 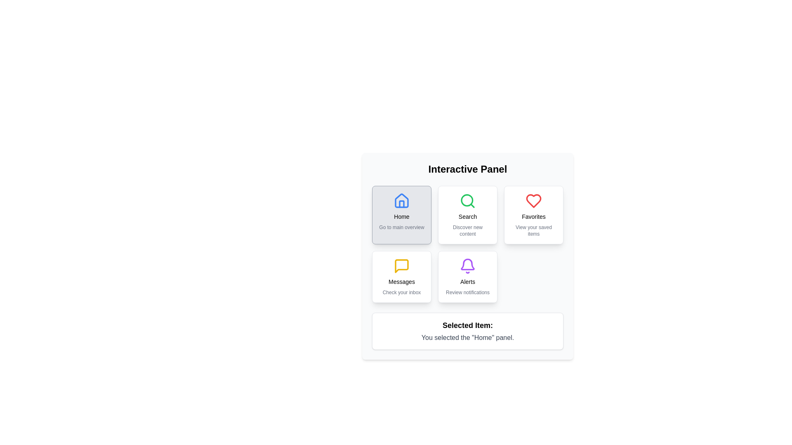 I want to click on the search icon, which is located in the top row, center column of the interactive panel and is part of the 'Search' button, so click(x=467, y=201).